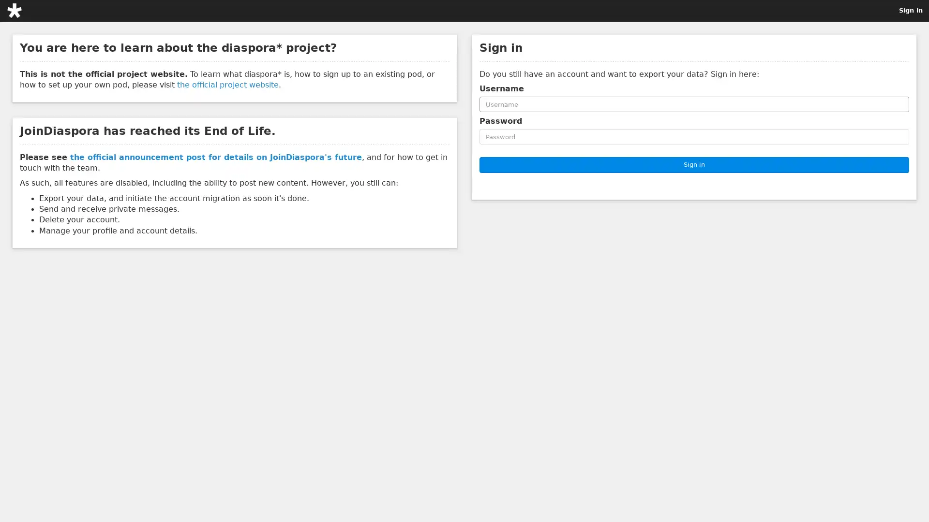  What do you see at coordinates (694, 164) in the screenshot?
I see `Sign in` at bounding box center [694, 164].